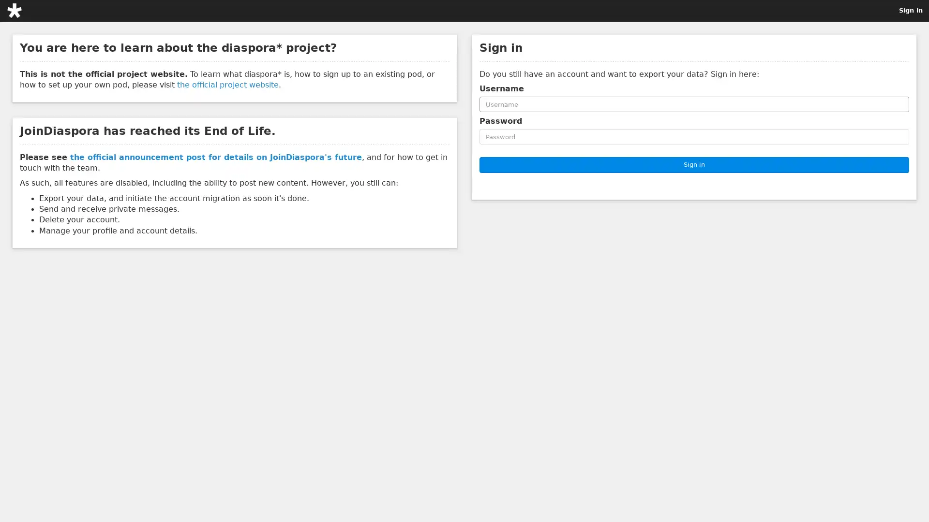  What do you see at coordinates (694, 164) in the screenshot?
I see `Sign in` at bounding box center [694, 164].